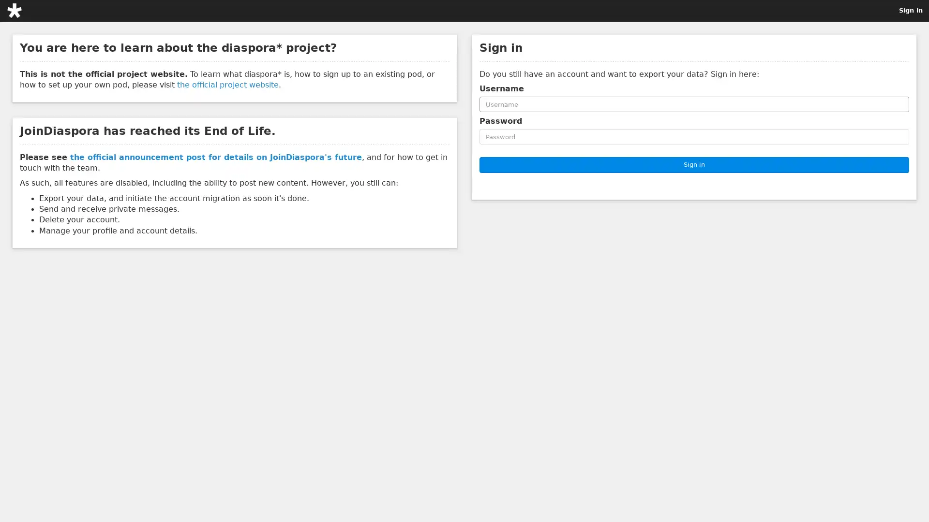  What do you see at coordinates (694, 164) in the screenshot?
I see `Sign in` at bounding box center [694, 164].